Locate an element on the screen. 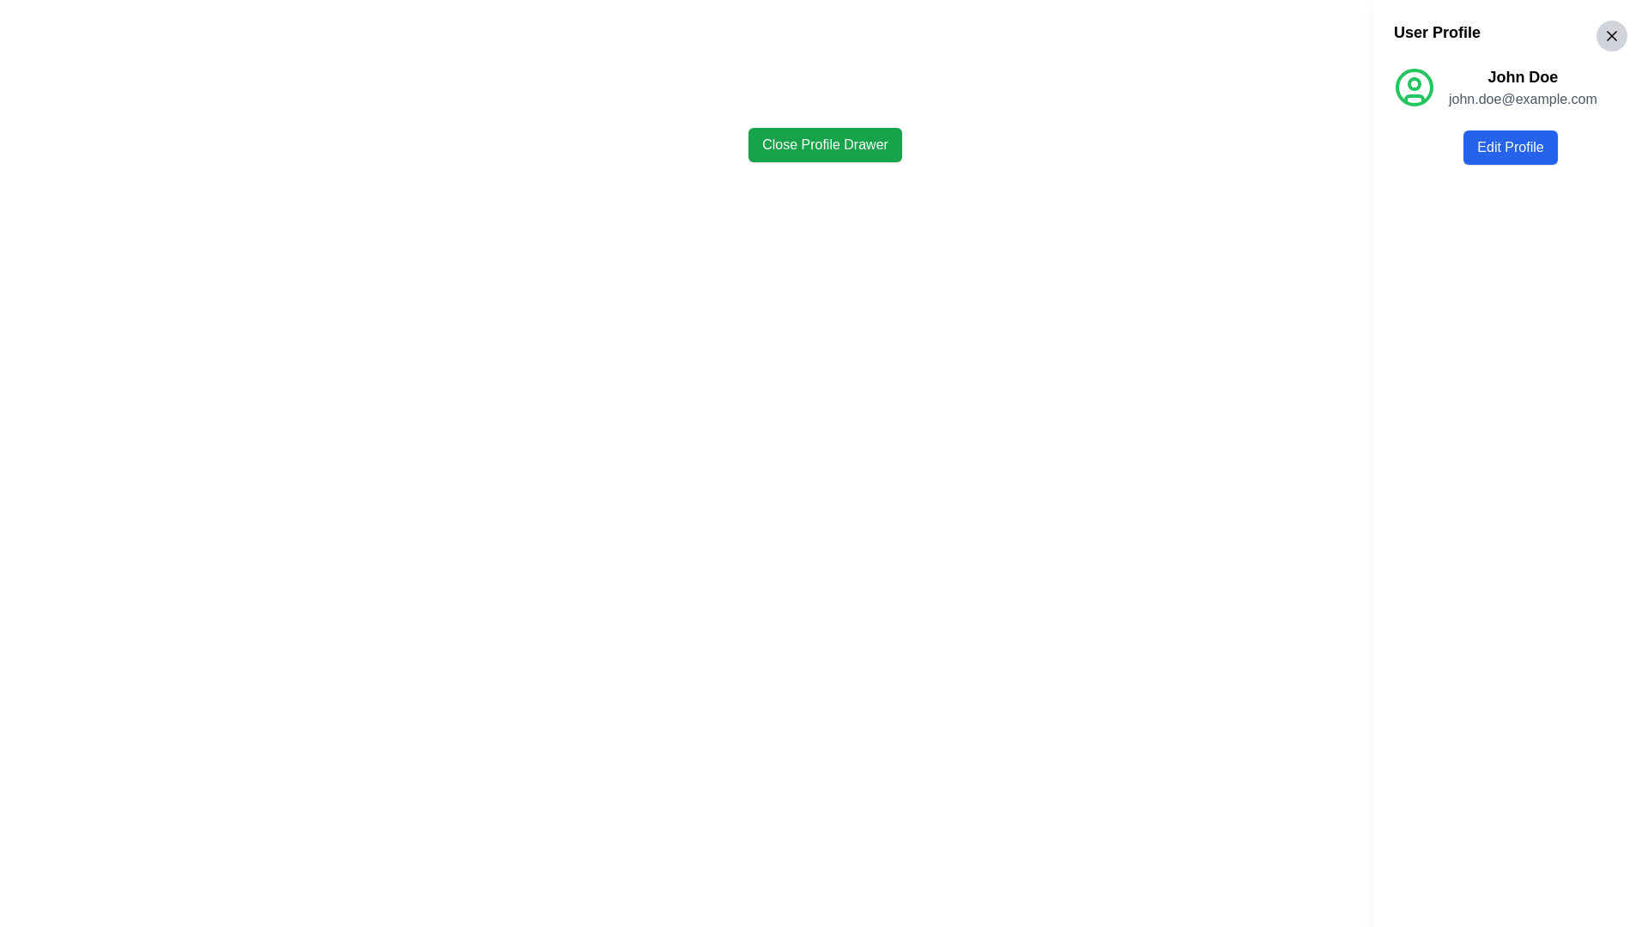 The width and height of the screenshot is (1648, 927). the close button located in the top-right corner of the user profile section is located at coordinates (1610, 36).